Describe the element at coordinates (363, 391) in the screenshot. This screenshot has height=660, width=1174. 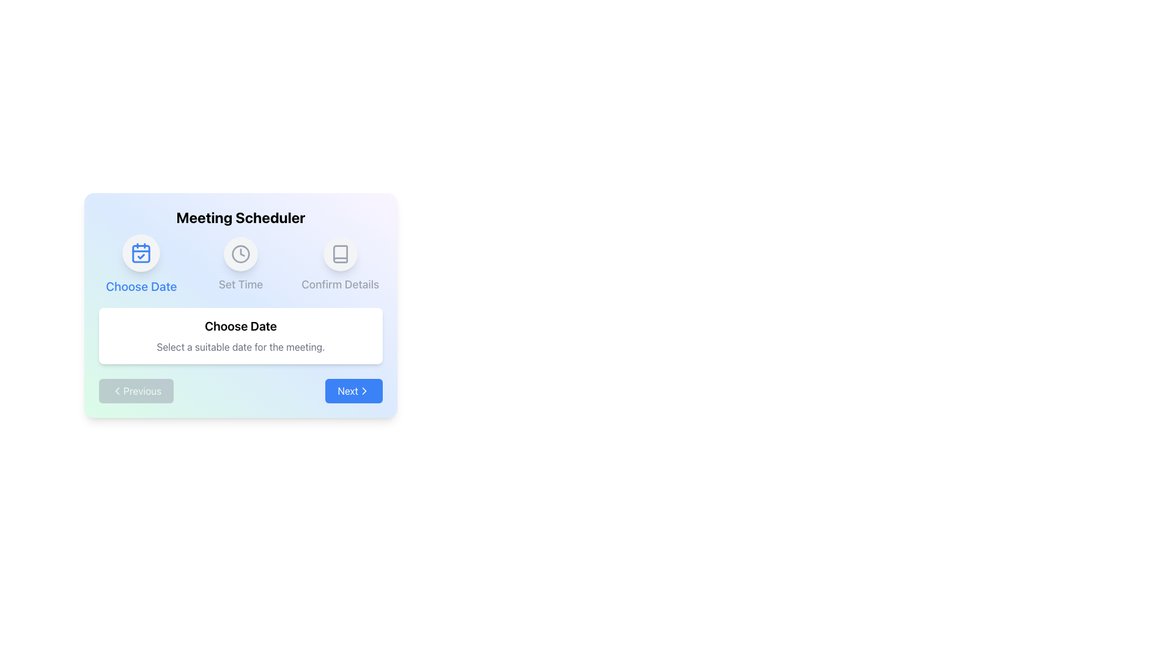
I see `the right-oriented chevron navigation arrow element, which is located within the 'Next' button, to indirectly interact with the button` at that location.